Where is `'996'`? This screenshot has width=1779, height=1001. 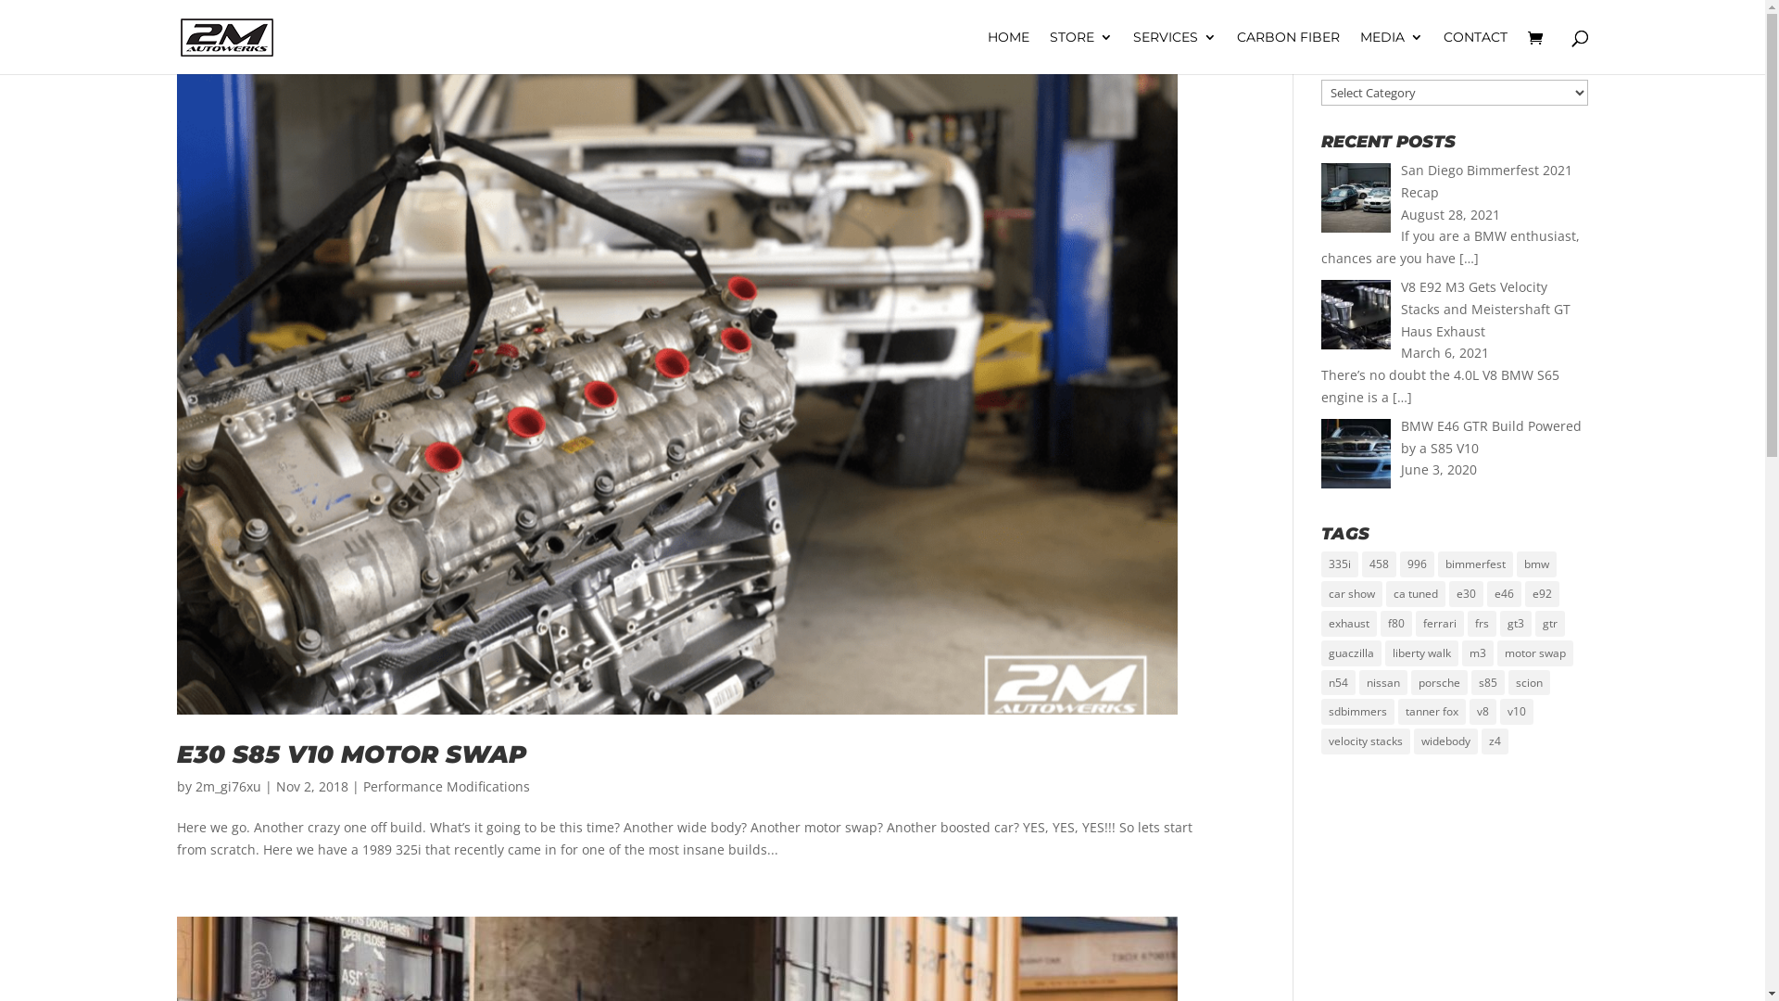 '996' is located at coordinates (1416, 564).